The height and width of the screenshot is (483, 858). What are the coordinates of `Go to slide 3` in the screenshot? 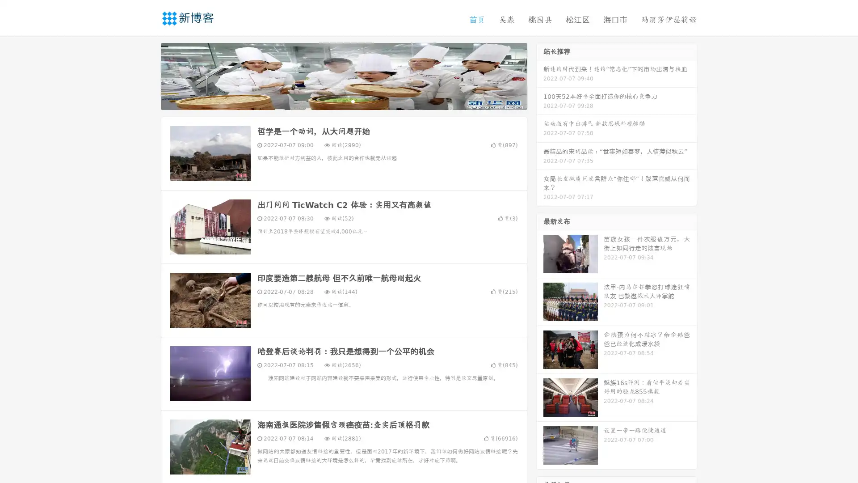 It's located at (353, 101).